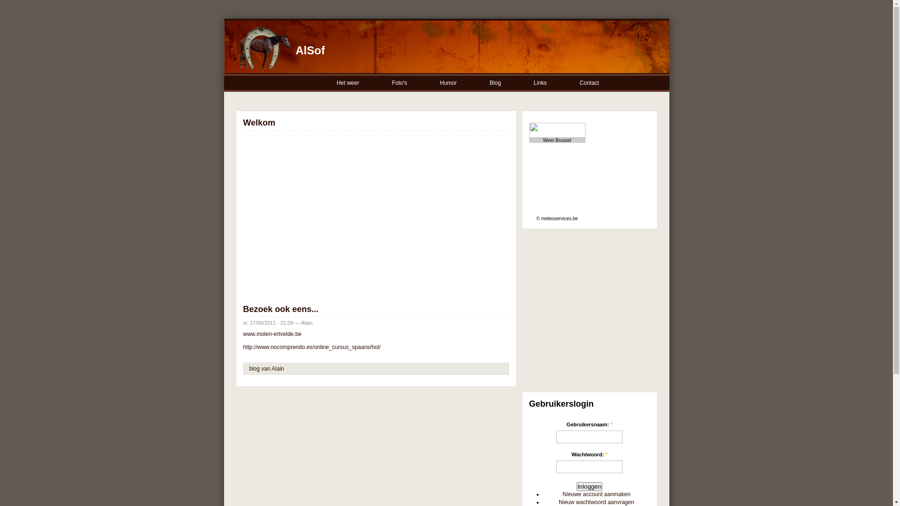  I want to click on 'http://www.nocomprendo.es/online_cursus_spaans/hol/', so click(312, 347).